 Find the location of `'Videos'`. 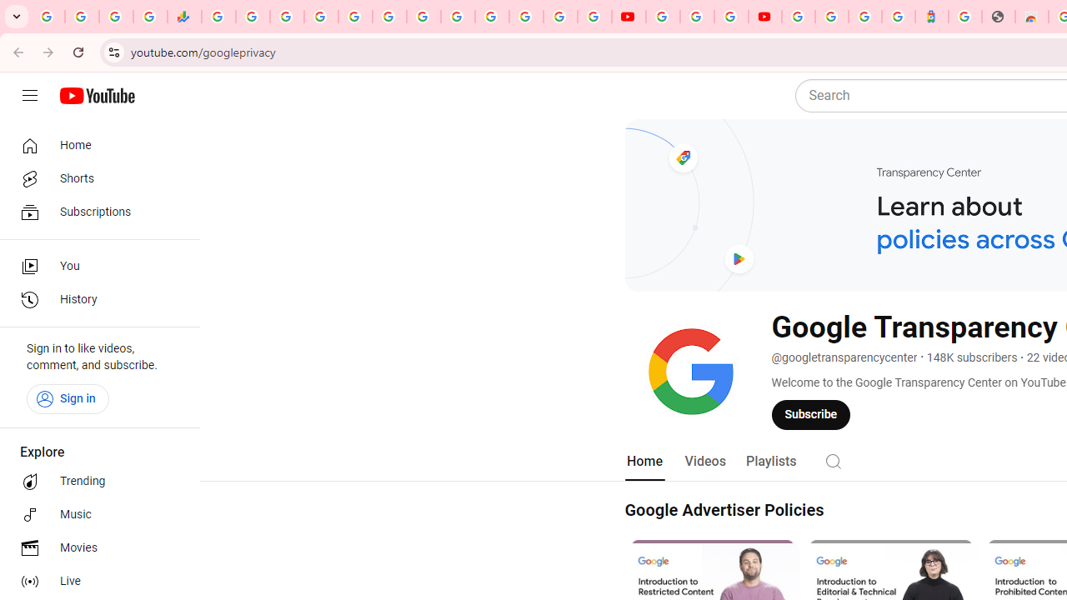

'Videos' is located at coordinates (704, 461).